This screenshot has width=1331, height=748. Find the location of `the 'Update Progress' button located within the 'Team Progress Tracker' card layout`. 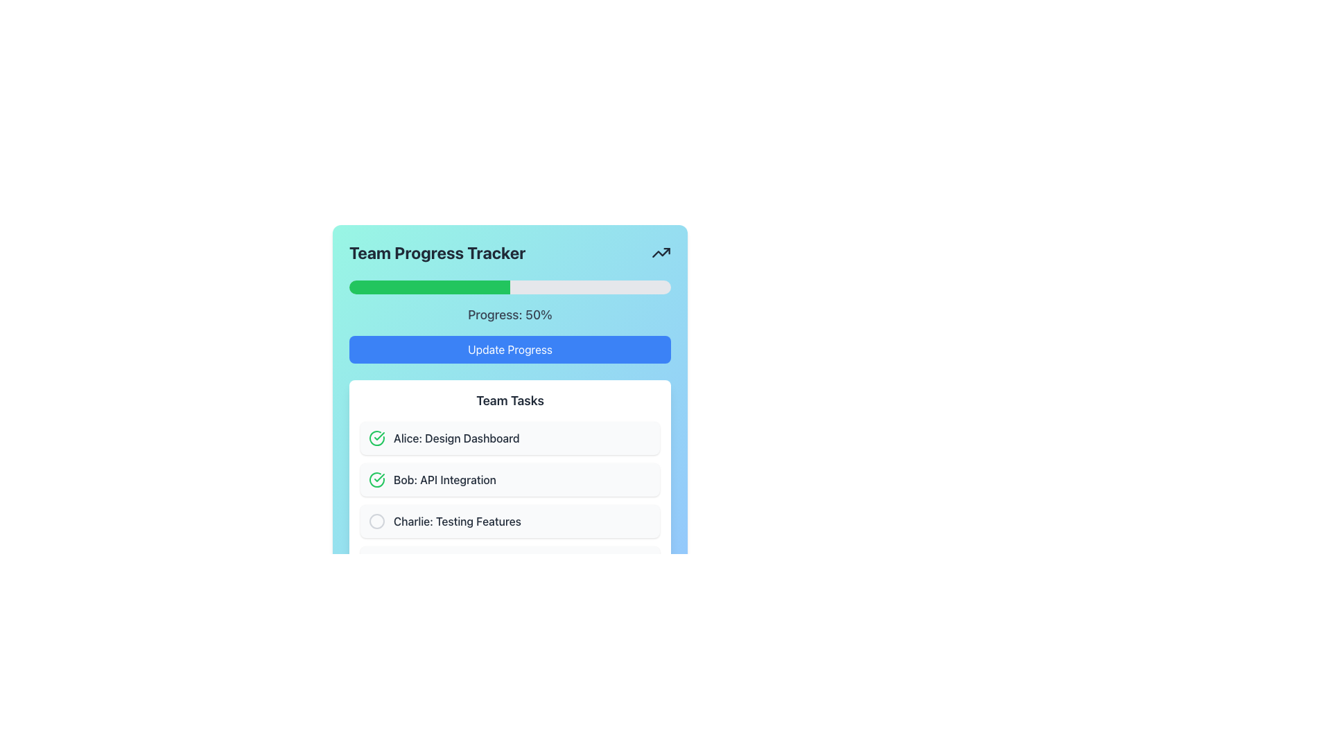

the 'Update Progress' button located within the 'Team Progress Tracker' card layout is located at coordinates (509, 349).